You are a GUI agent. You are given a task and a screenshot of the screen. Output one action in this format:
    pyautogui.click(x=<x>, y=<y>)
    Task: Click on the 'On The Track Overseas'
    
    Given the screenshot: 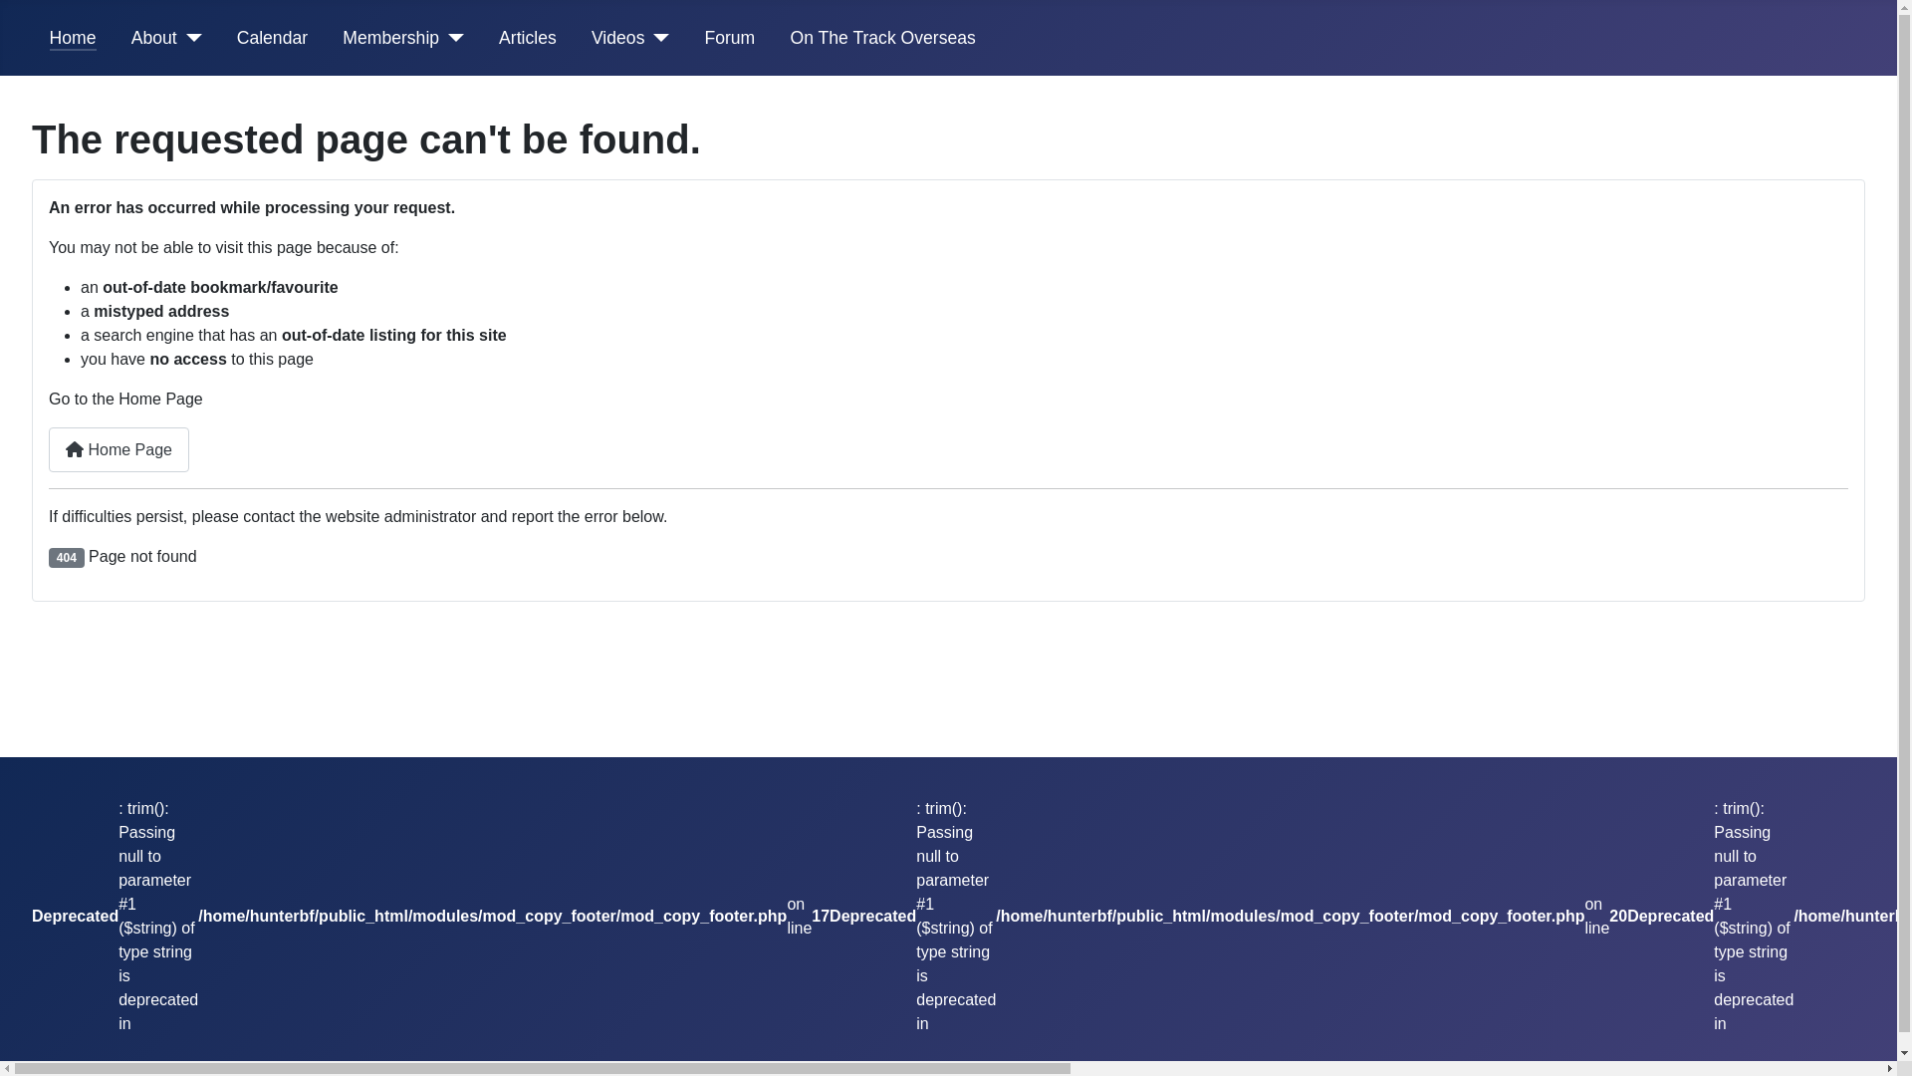 What is the action you would take?
    pyautogui.click(x=881, y=38)
    